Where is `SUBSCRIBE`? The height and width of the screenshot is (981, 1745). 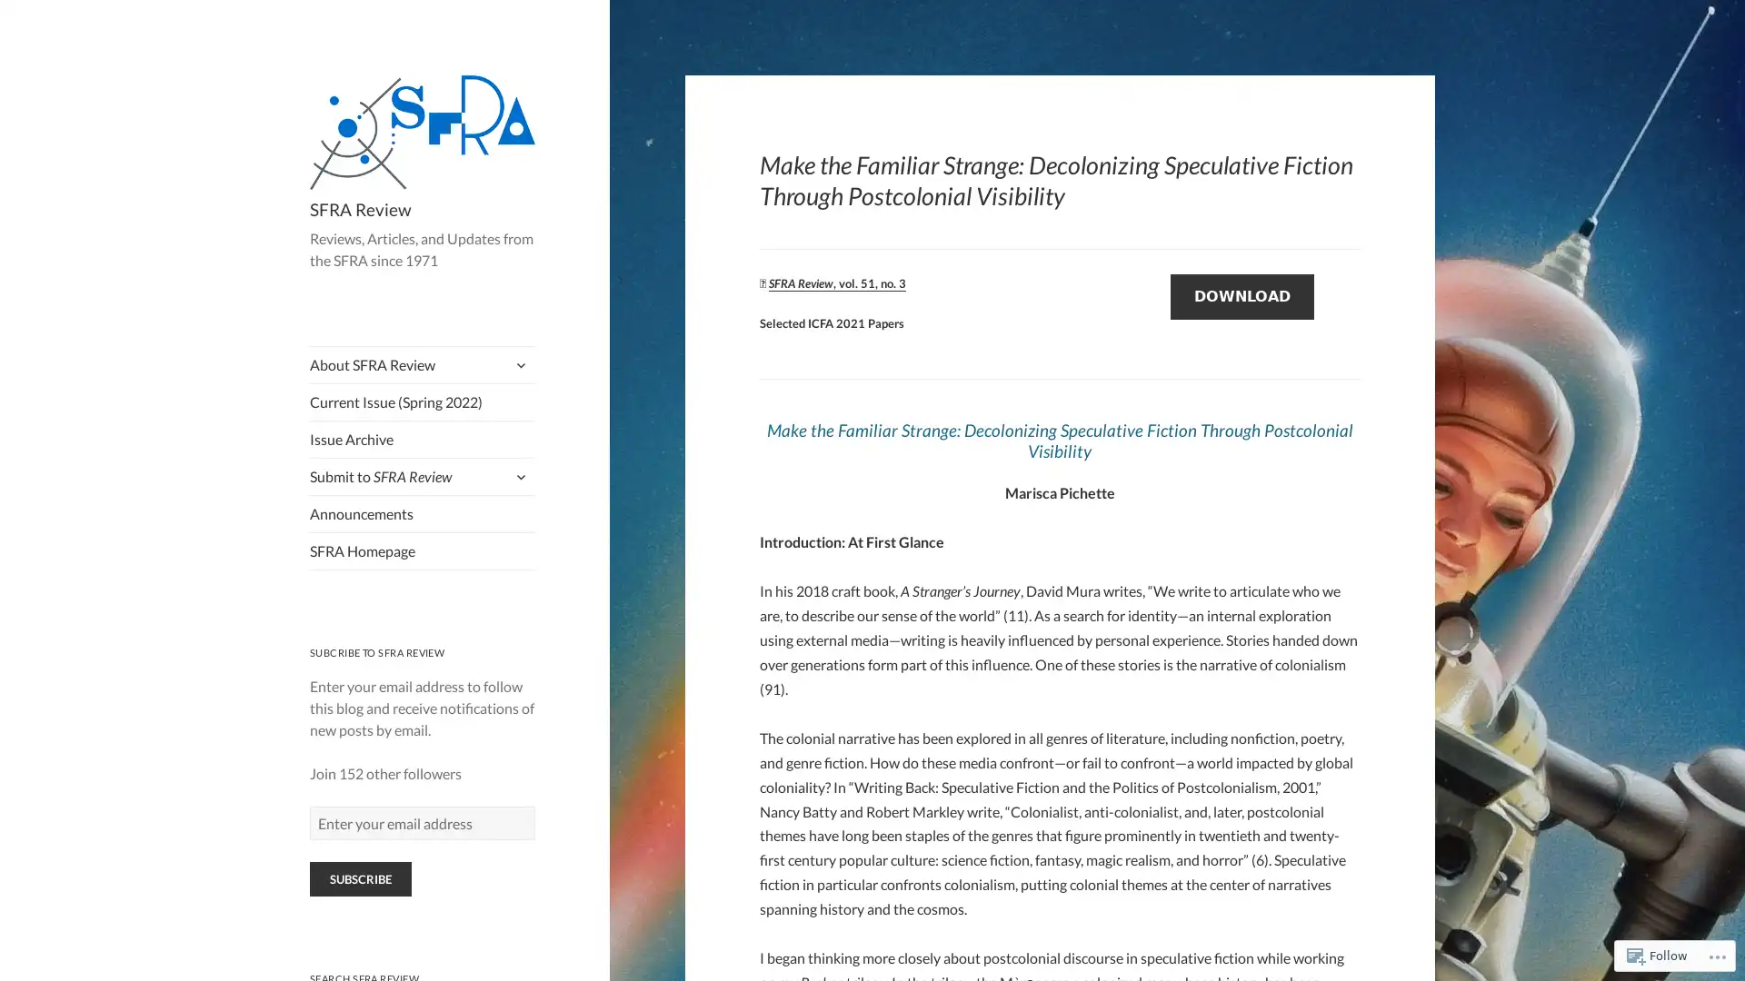 SUBSCRIBE is located at coordinates (360, 878).